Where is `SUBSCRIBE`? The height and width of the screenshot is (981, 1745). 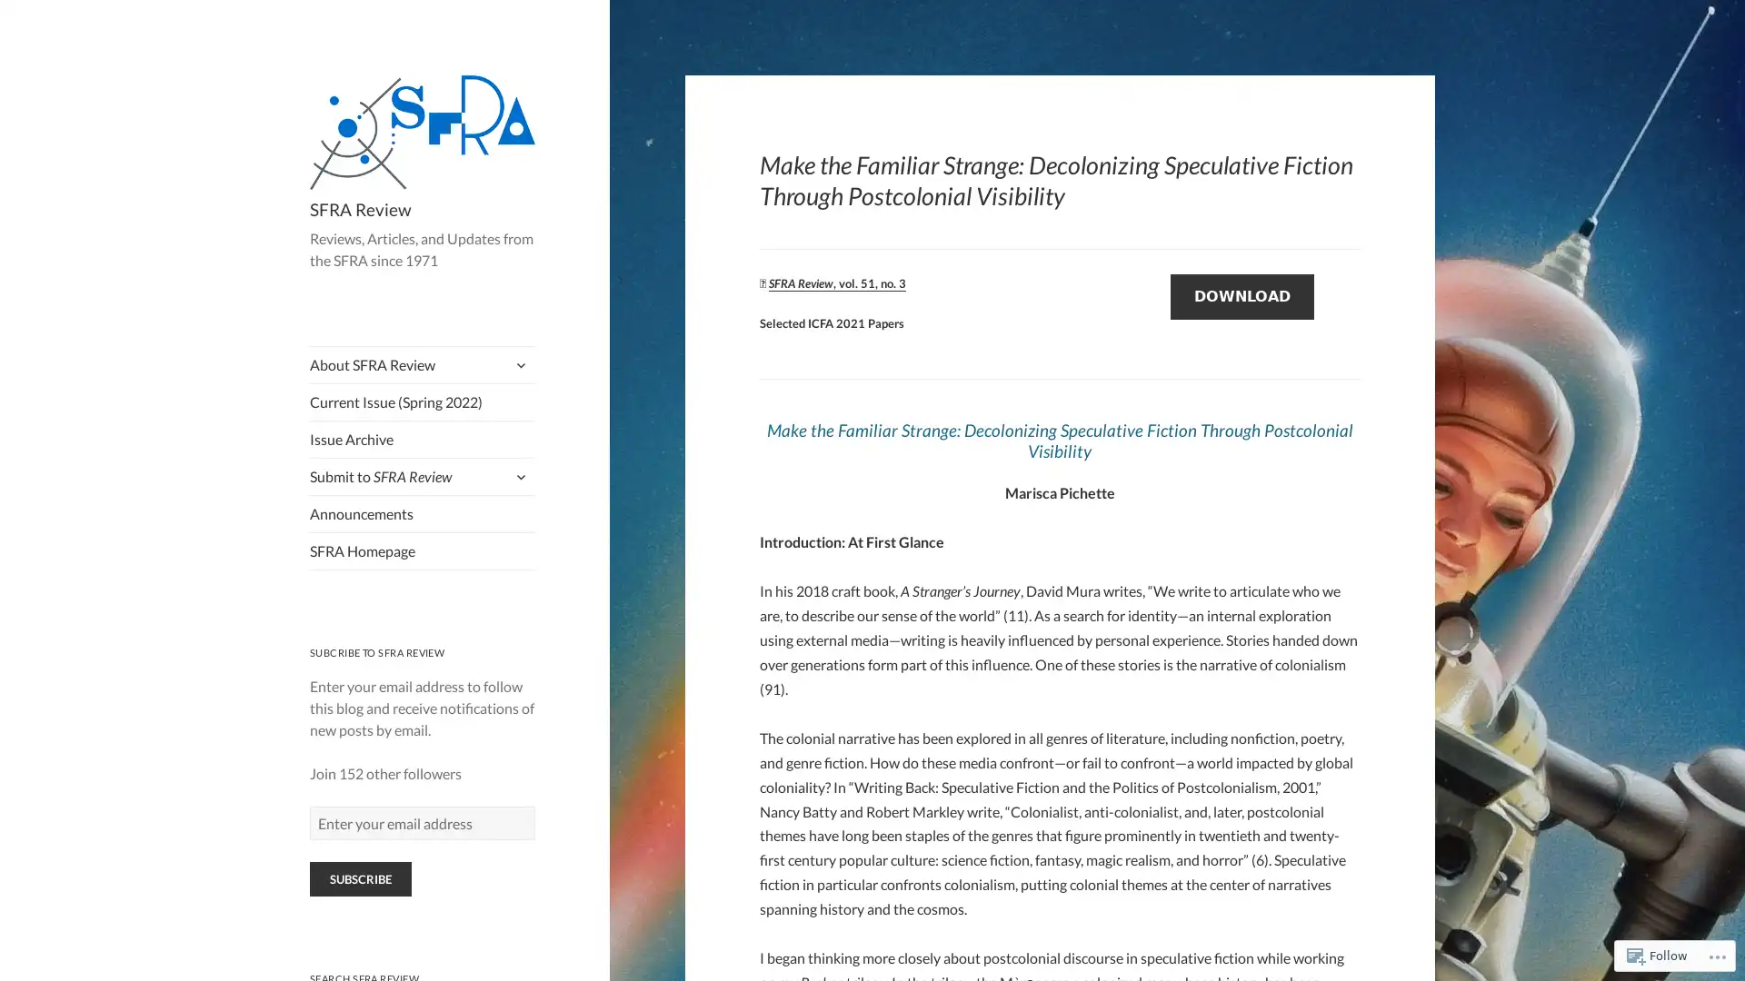 SUBSCRIBE is located at coordinates (360, 878).